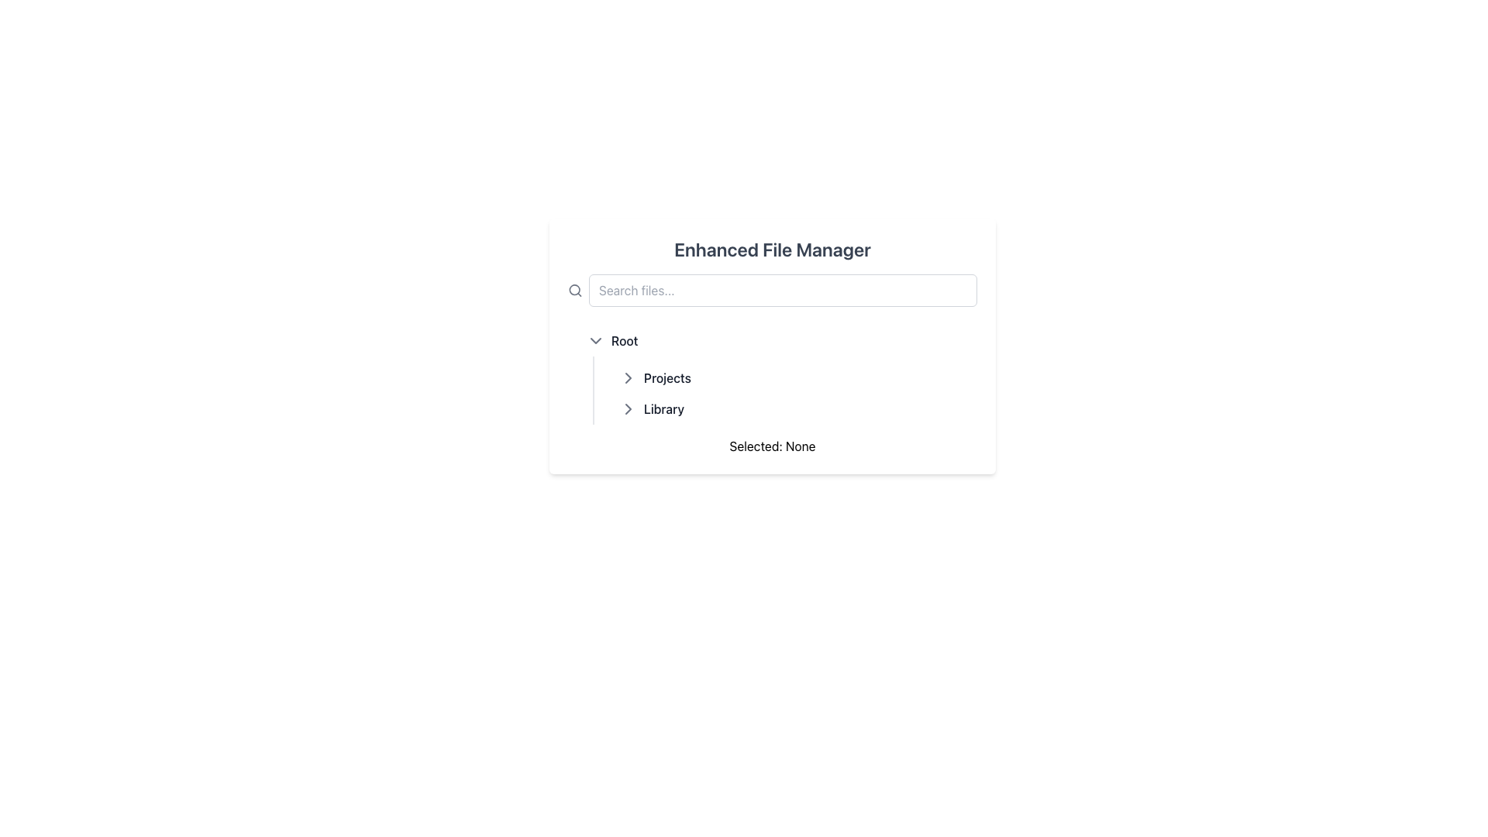  Describe the element at coordinates (773, 446) in the screenshot. I see `text from the label displaying 'Selected: None', which is located at the bottom of the panel beneath the tree structure containing 'Projects' and 'Library'` at that location.